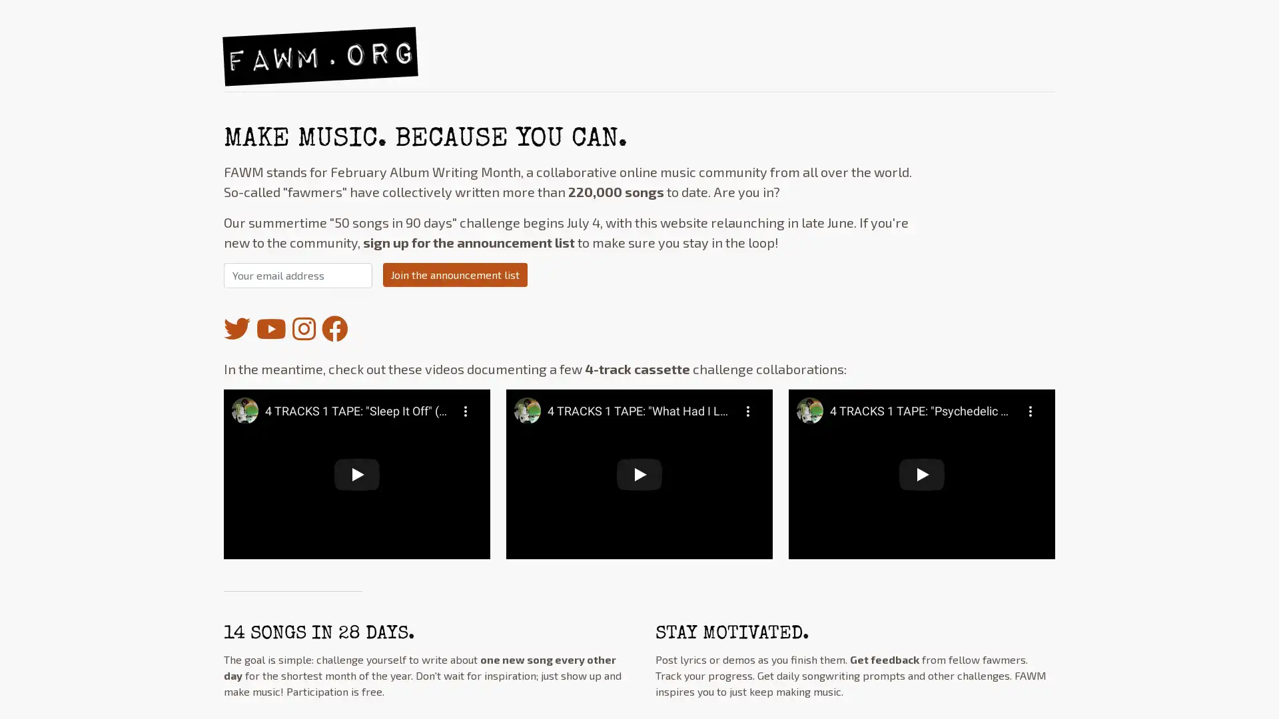  Describe the element at coordinates (455, 274) in the screenshot. I see `Join the announcement list` at that location.